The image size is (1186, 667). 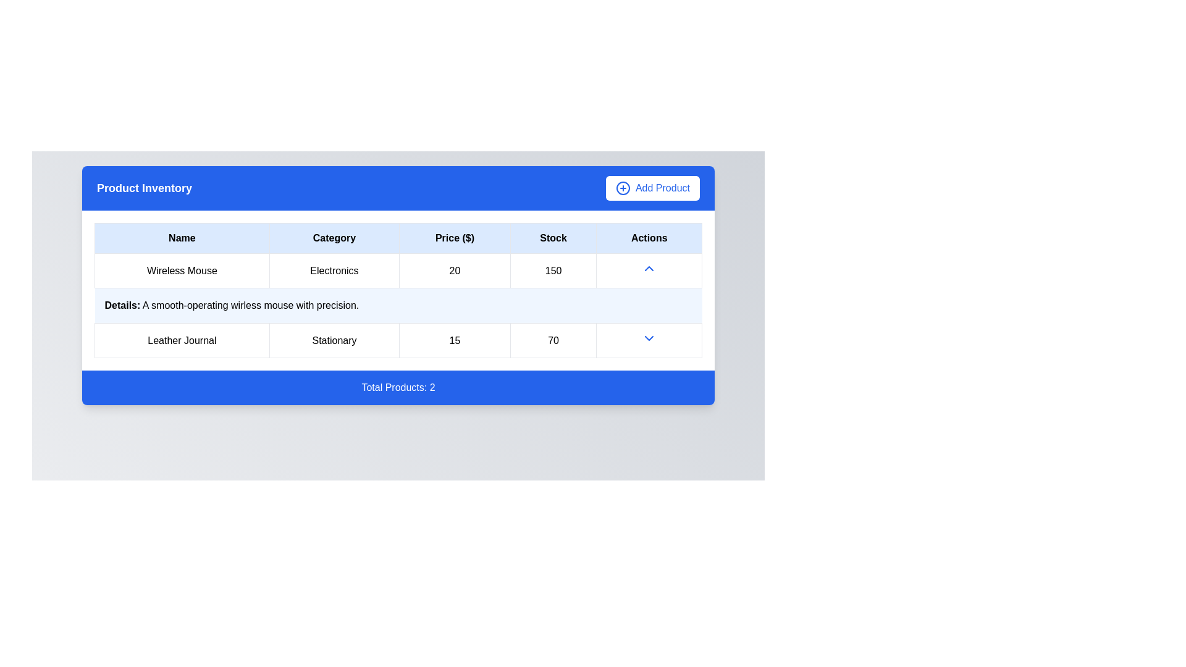 What do you see at coordinates (181, 270) in the screenshot?
I see `the name label for the product in the 'Product Inventory' section, which is located in the top-left cell of the table row, preceding the elements labeled 'Electronics', '20', '150'` at bounding box center [181, 270].